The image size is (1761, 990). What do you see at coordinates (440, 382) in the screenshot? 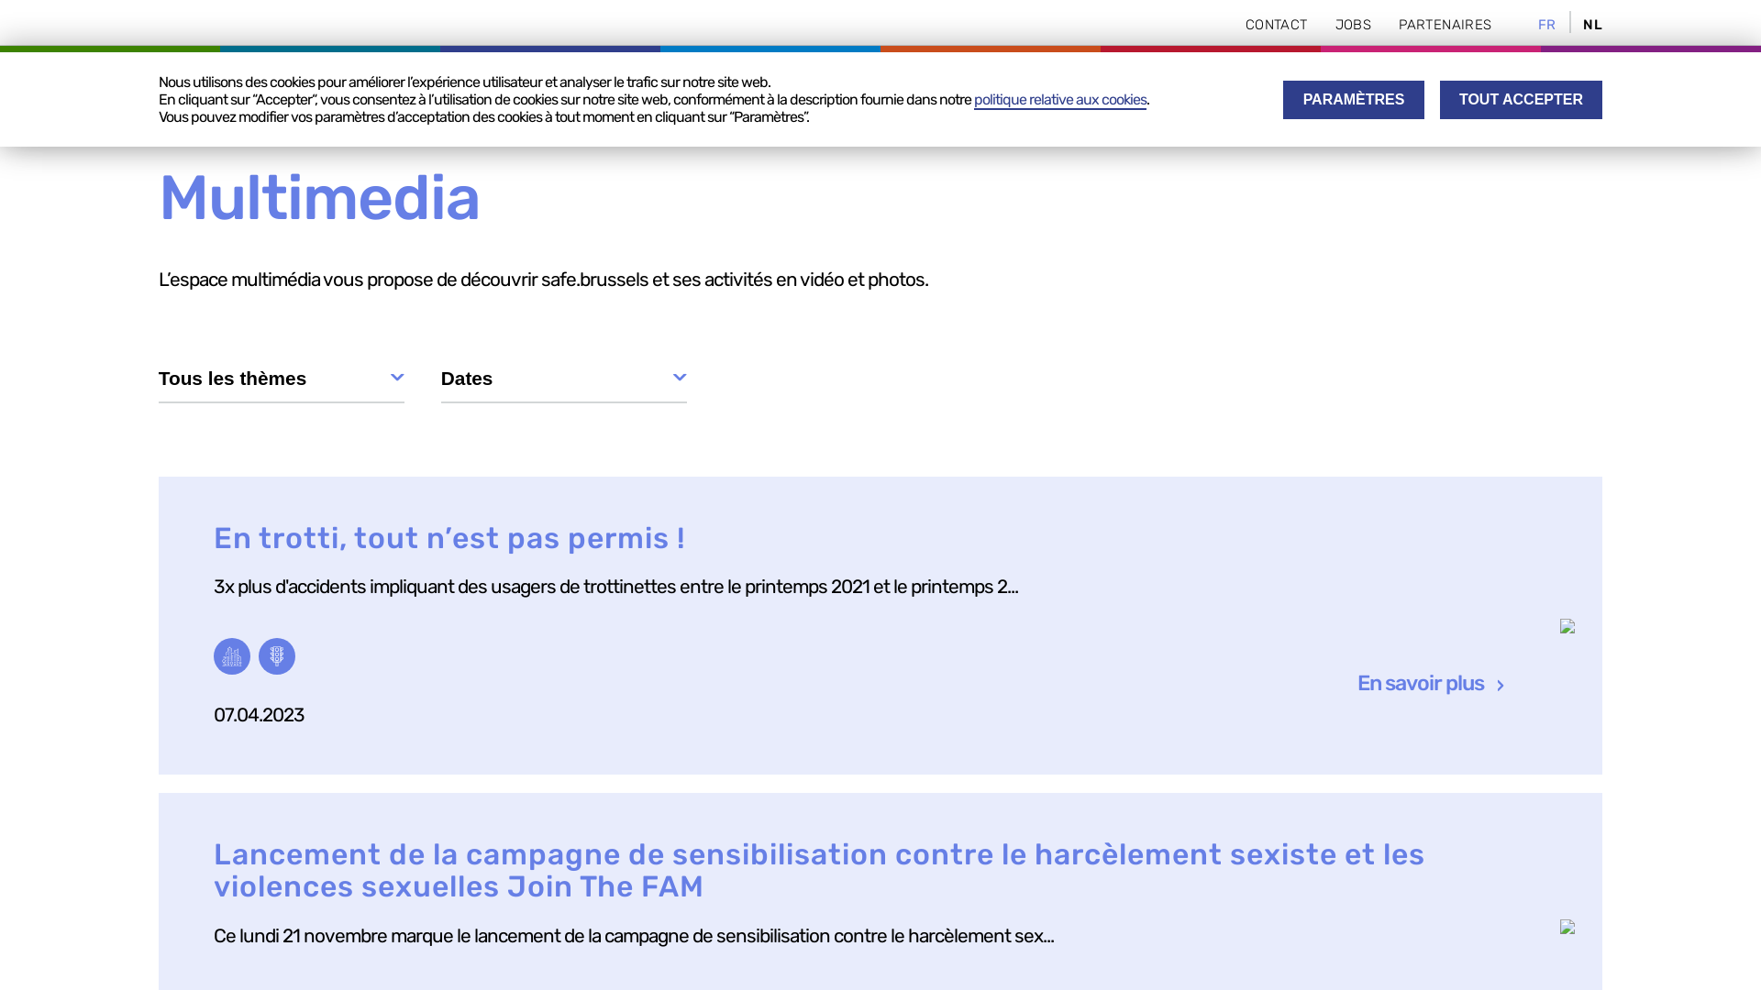
I see `'Dates'` at bounding box center [440, 382].